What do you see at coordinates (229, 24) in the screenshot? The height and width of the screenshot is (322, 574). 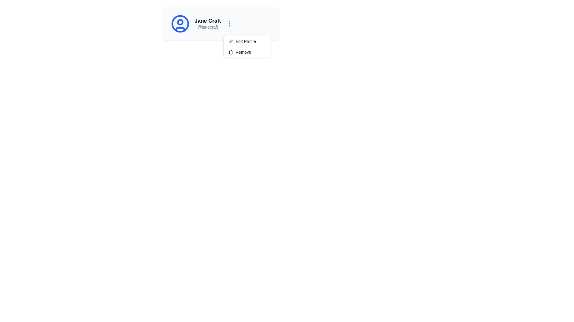 I see `the Menu Trigger Icon located at the far right side of the profile header section` at bounding box center [229, 24].